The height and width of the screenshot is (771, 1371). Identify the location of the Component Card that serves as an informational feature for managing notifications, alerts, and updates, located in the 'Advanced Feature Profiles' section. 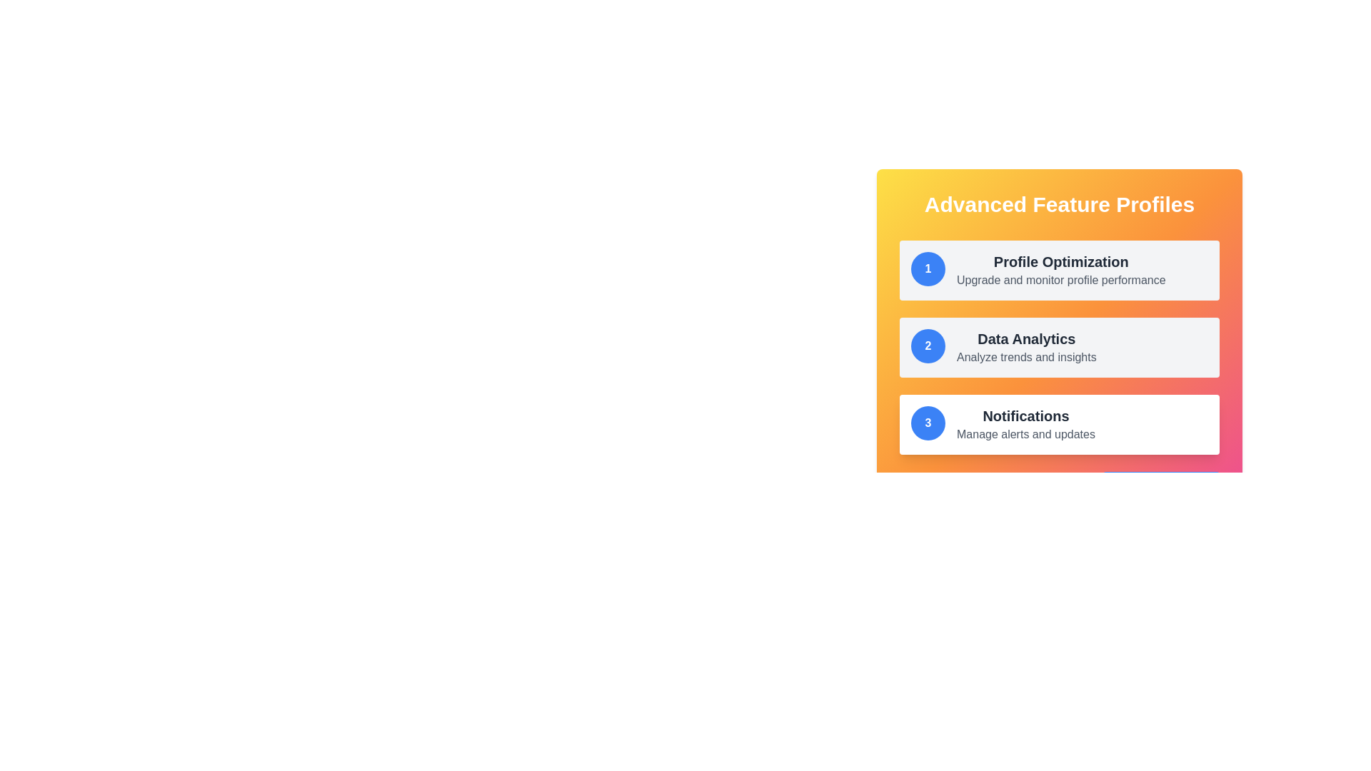
(1059, 423).